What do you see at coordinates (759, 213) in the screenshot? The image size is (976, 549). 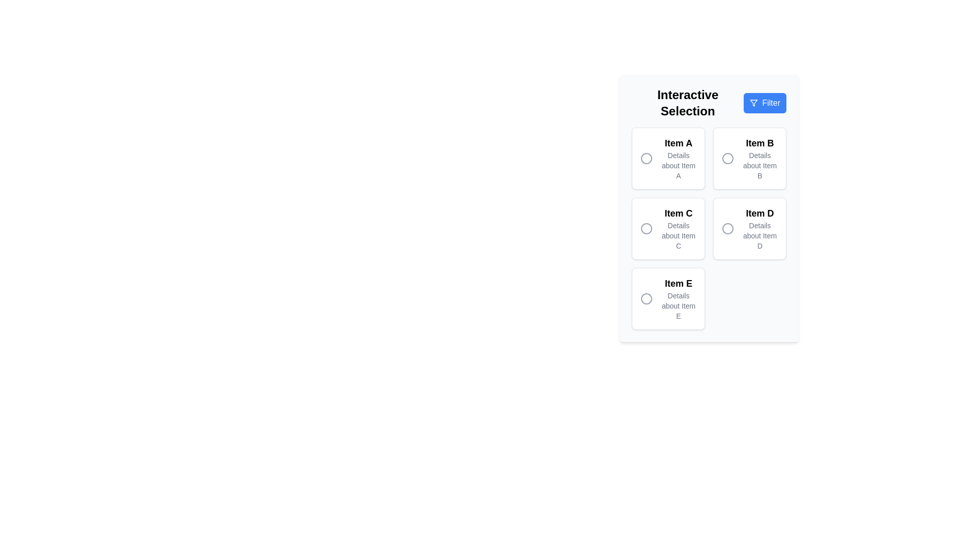 I see `the header label that identifies 'Item D', located in the bottom-right quadrant of the interface grid layout` at bounding box center [759, 213].